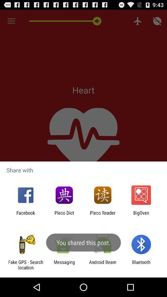 The width and height of the screenshot is (167, 297). Describe the element at coordinates (64, 265) in the screenshot. I see `the icon to the right of fake gps search item` at that location.